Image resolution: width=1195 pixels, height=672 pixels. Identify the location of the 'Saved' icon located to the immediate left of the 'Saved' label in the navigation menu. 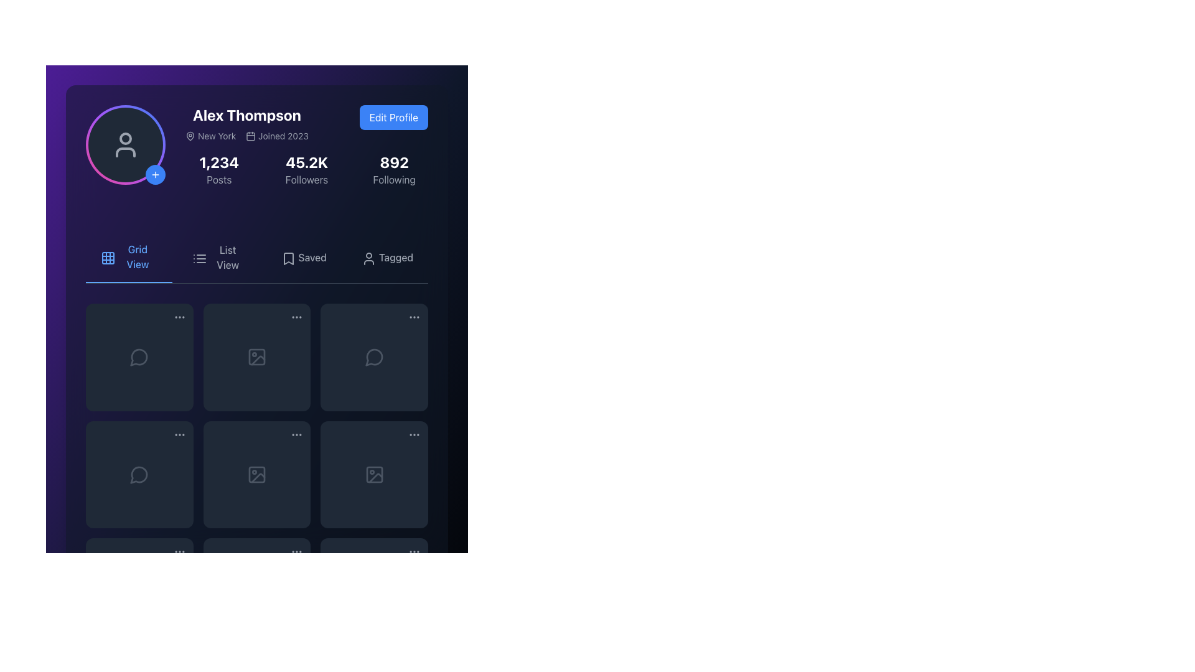
(286, 256).